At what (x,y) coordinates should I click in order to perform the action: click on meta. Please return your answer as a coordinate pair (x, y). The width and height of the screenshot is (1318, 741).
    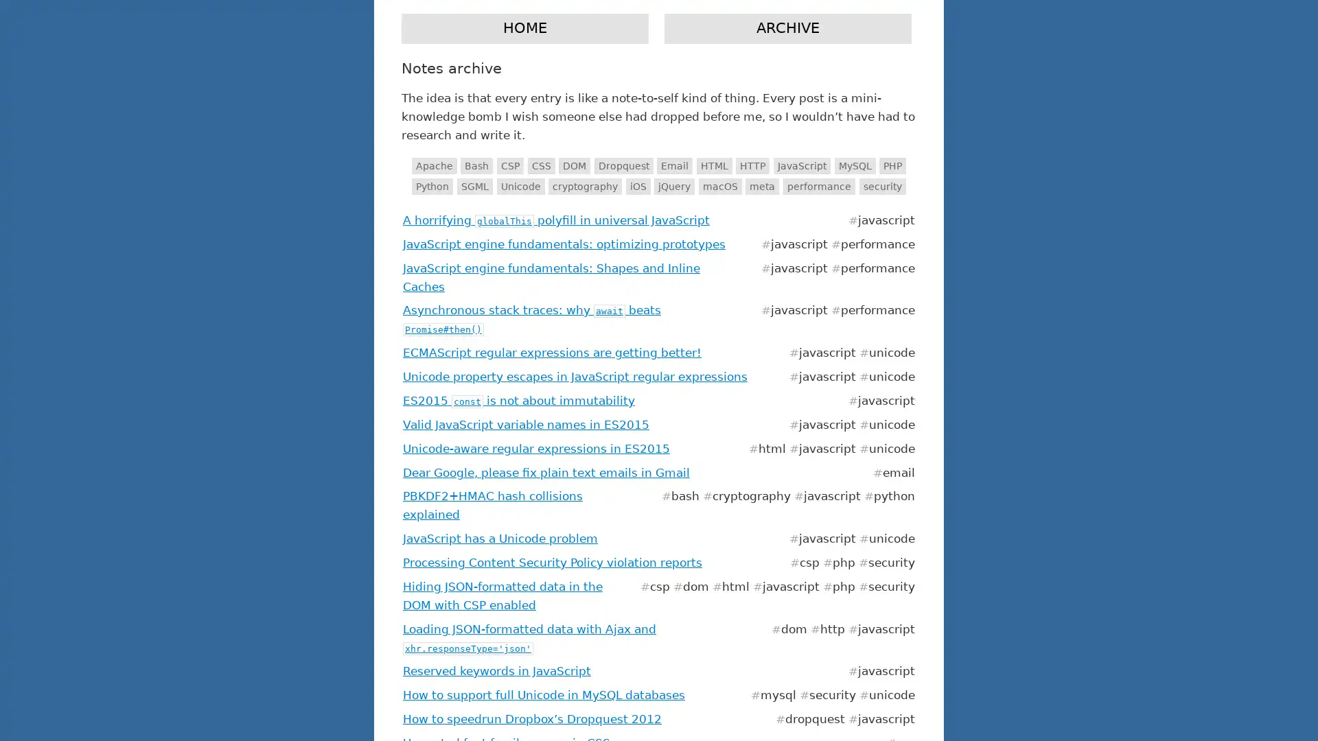
    Looking at the image, I should click on (761, 186).